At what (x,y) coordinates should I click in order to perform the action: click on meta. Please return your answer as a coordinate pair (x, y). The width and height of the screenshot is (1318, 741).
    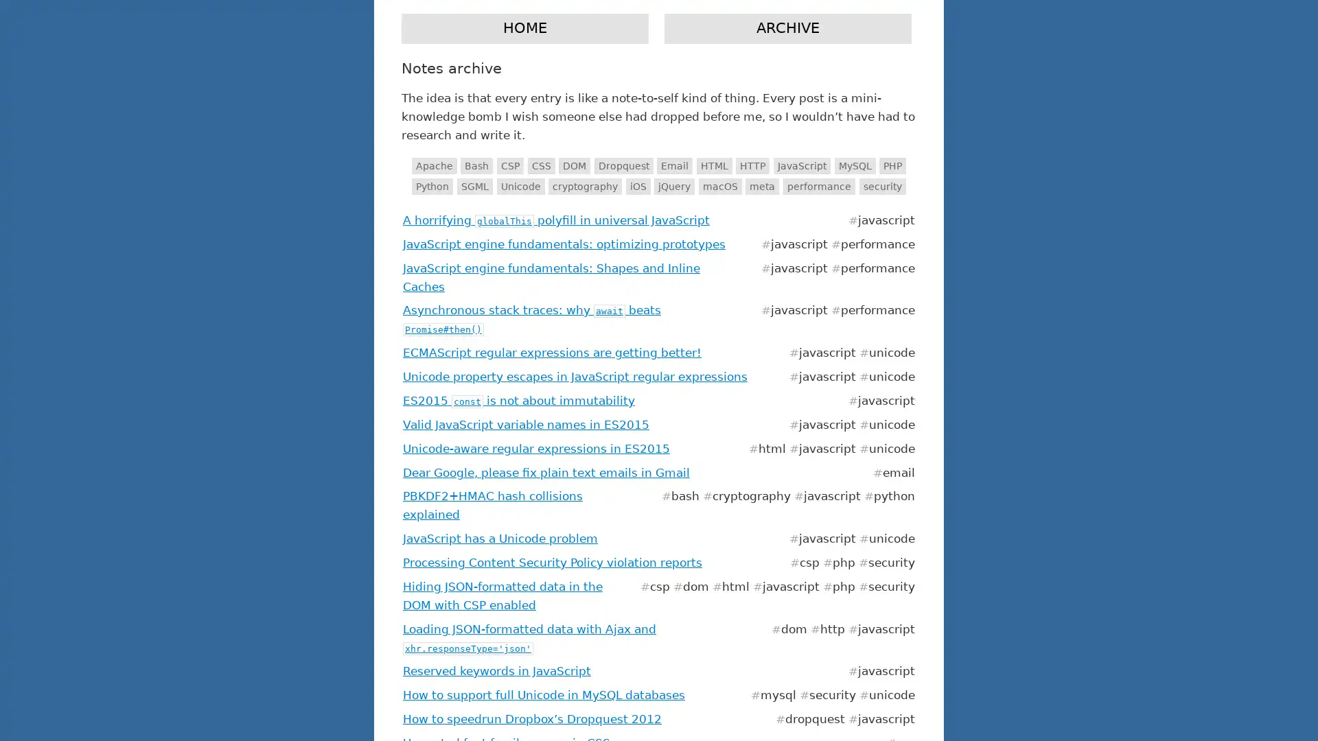
    Looking at the image, I should click on (761, 186).